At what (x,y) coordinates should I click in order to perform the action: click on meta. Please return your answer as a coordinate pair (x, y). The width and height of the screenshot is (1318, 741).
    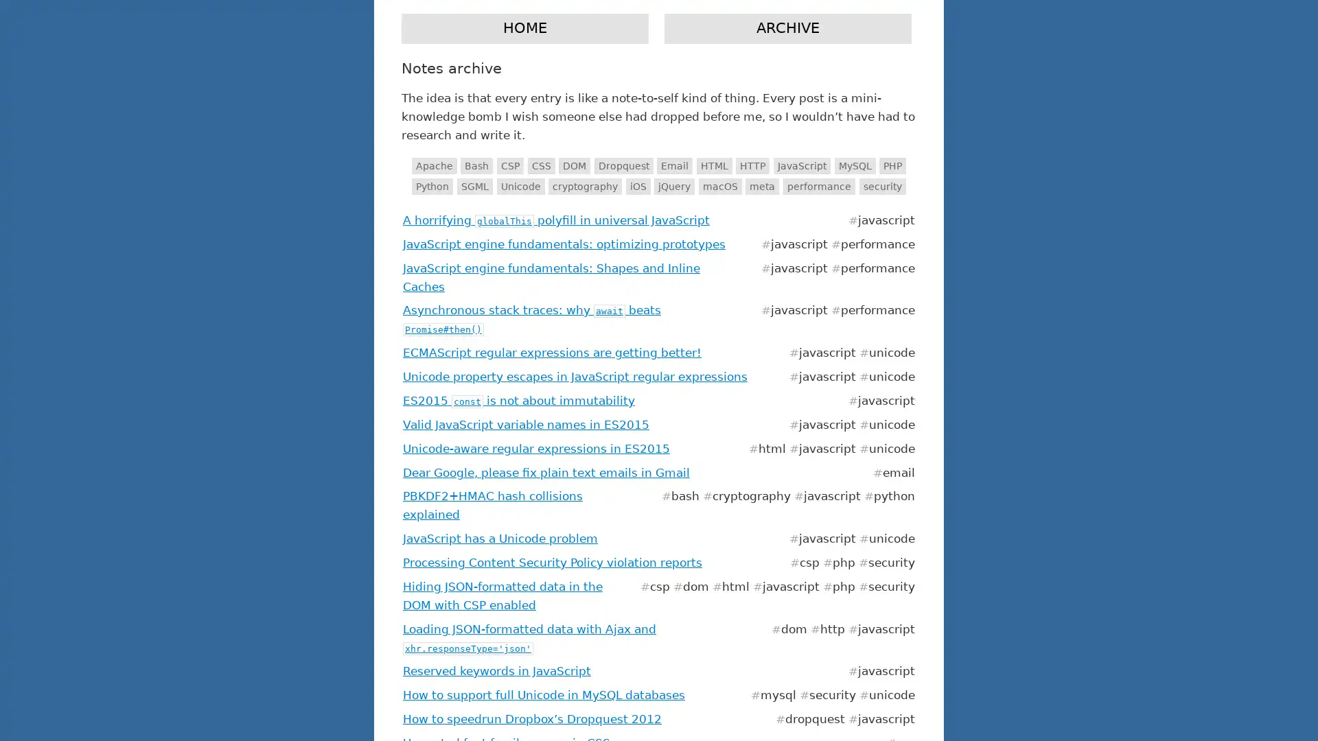
    Looking at the image, I should click on (761, 186).